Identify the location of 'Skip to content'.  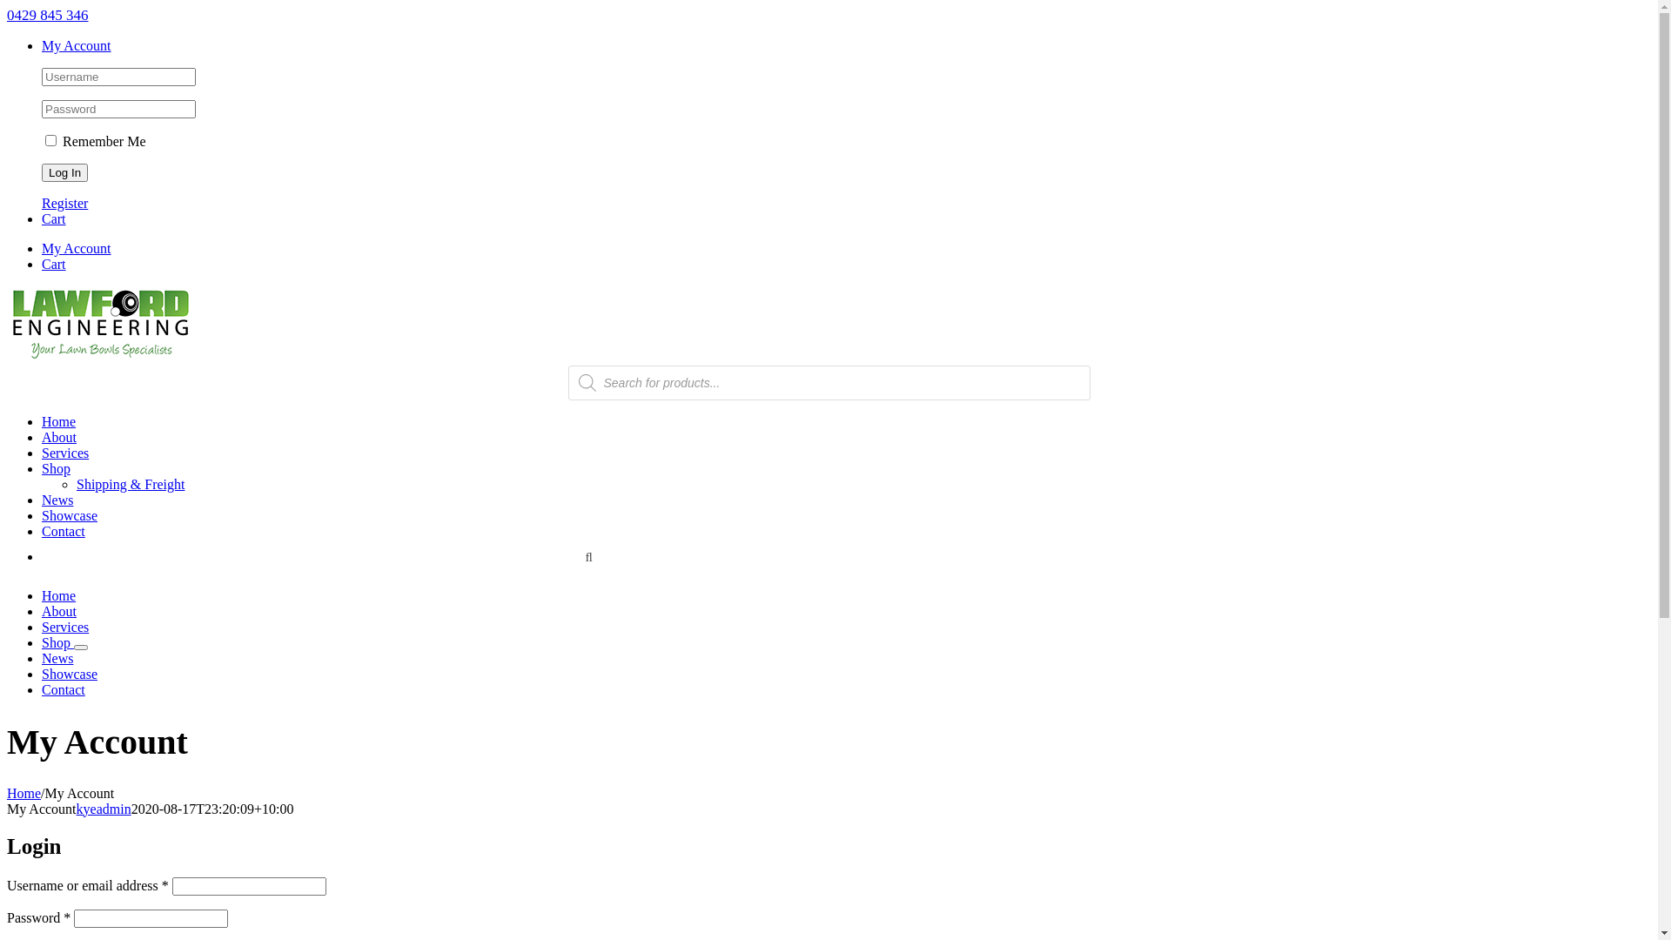
(6, 6).